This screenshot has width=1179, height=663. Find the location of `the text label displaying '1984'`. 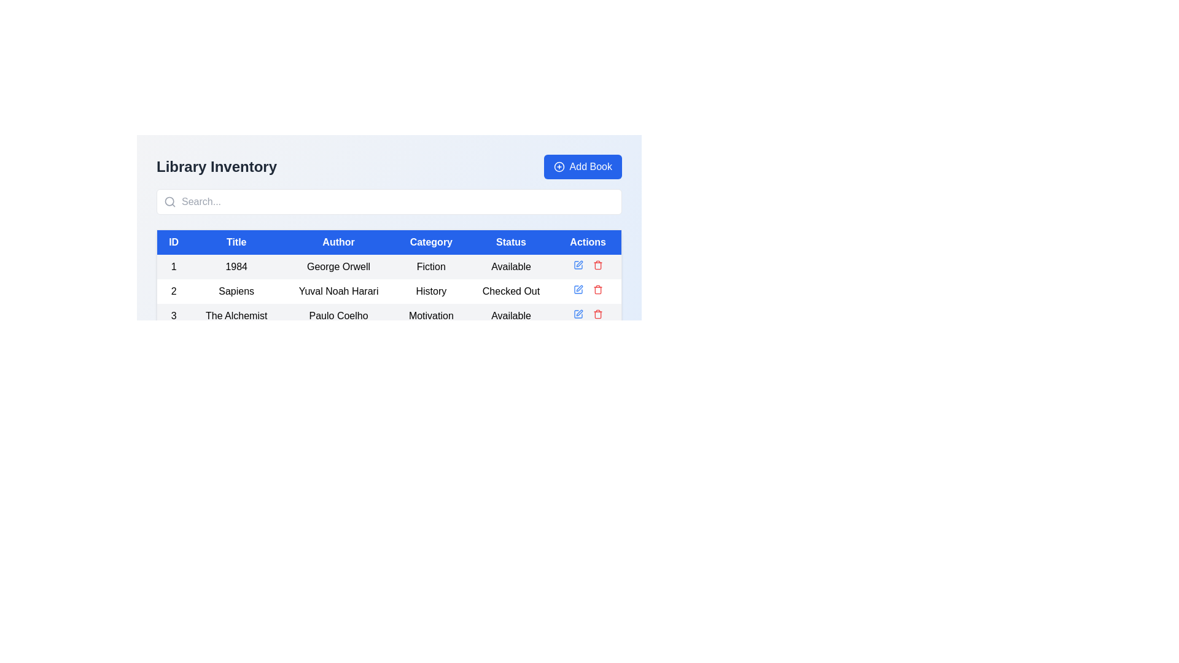

the text label displaying '1984' is located at coordinates (236, 266).